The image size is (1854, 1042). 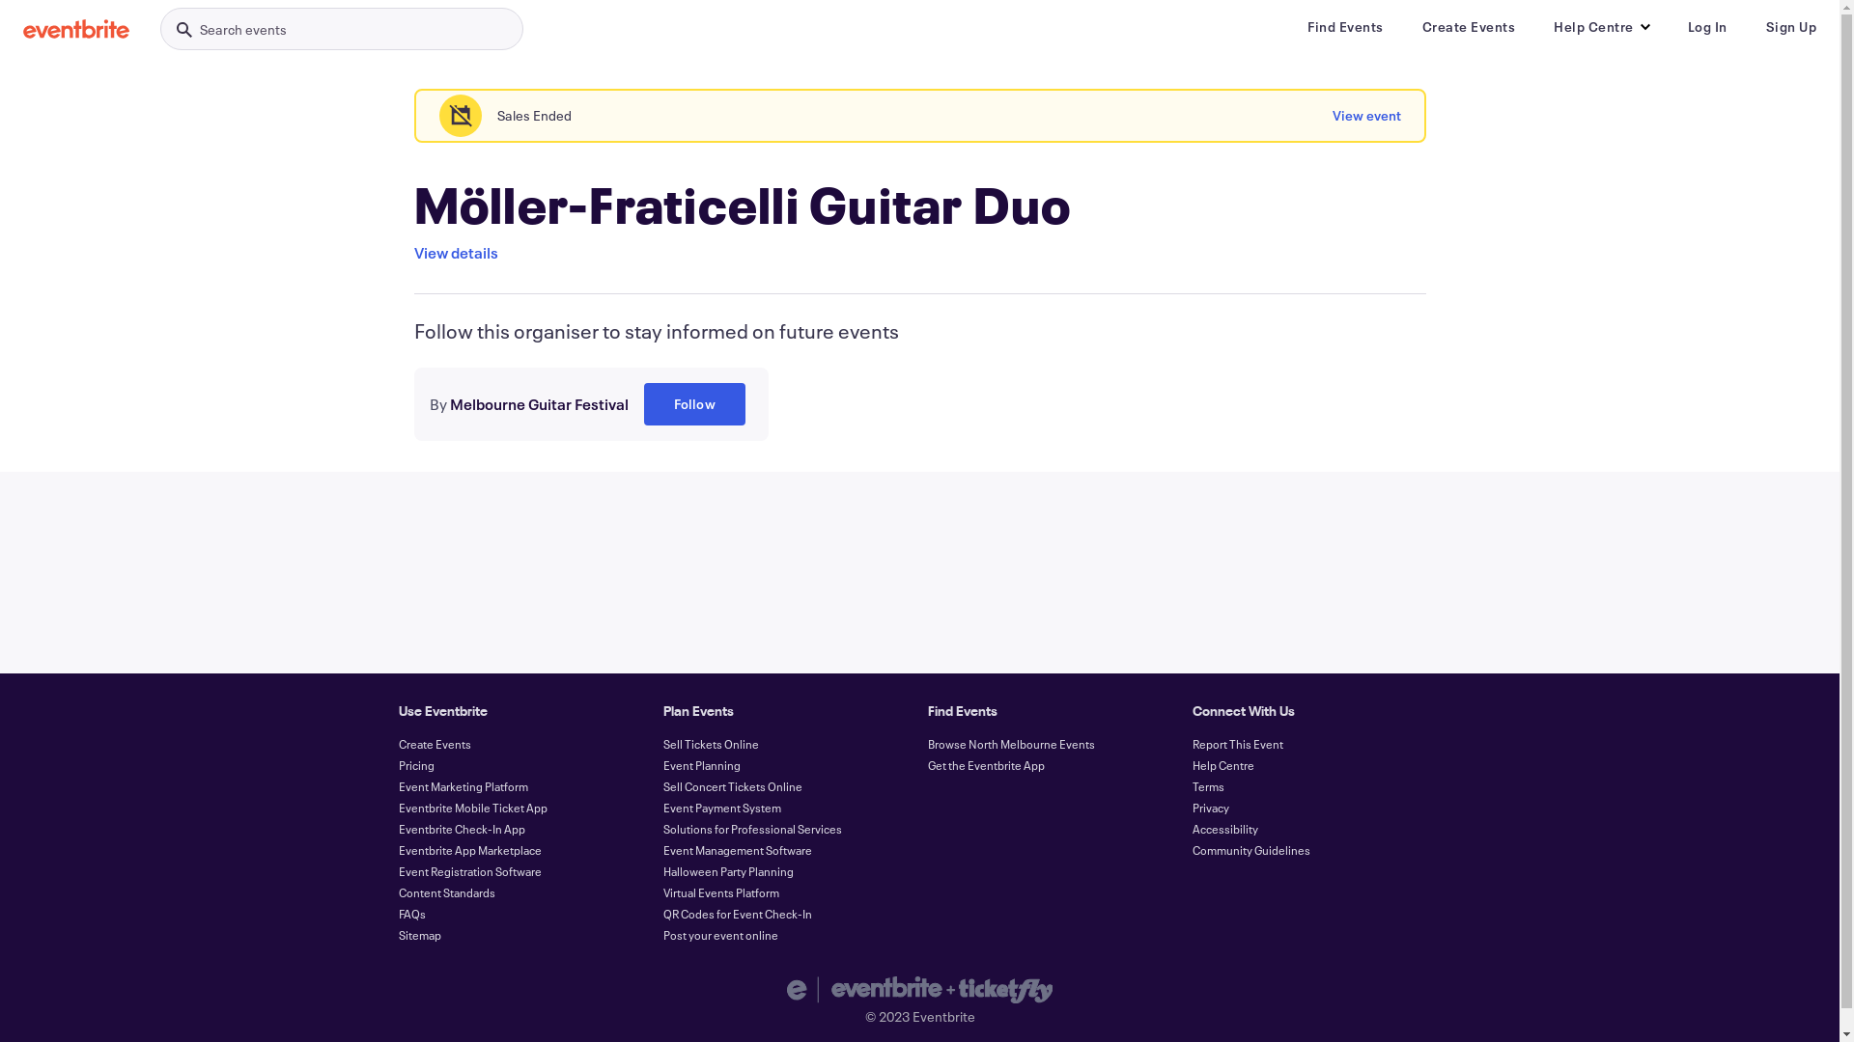 I want to click on 'Help Centre', so click(x=1222, y=764).